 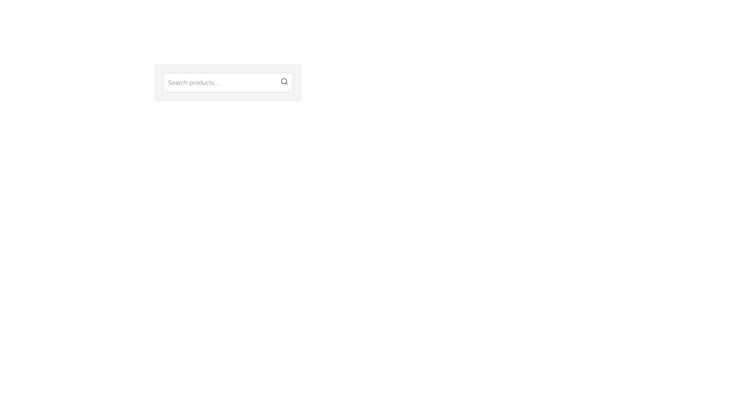 What do you see at coordinates (284, 81) in the screenshot?
I see `the graphic element that enhances user recognition of the search icon, located at the center of the circular part of the icon at the far right of the search bar` at bounding box center [284, 81].